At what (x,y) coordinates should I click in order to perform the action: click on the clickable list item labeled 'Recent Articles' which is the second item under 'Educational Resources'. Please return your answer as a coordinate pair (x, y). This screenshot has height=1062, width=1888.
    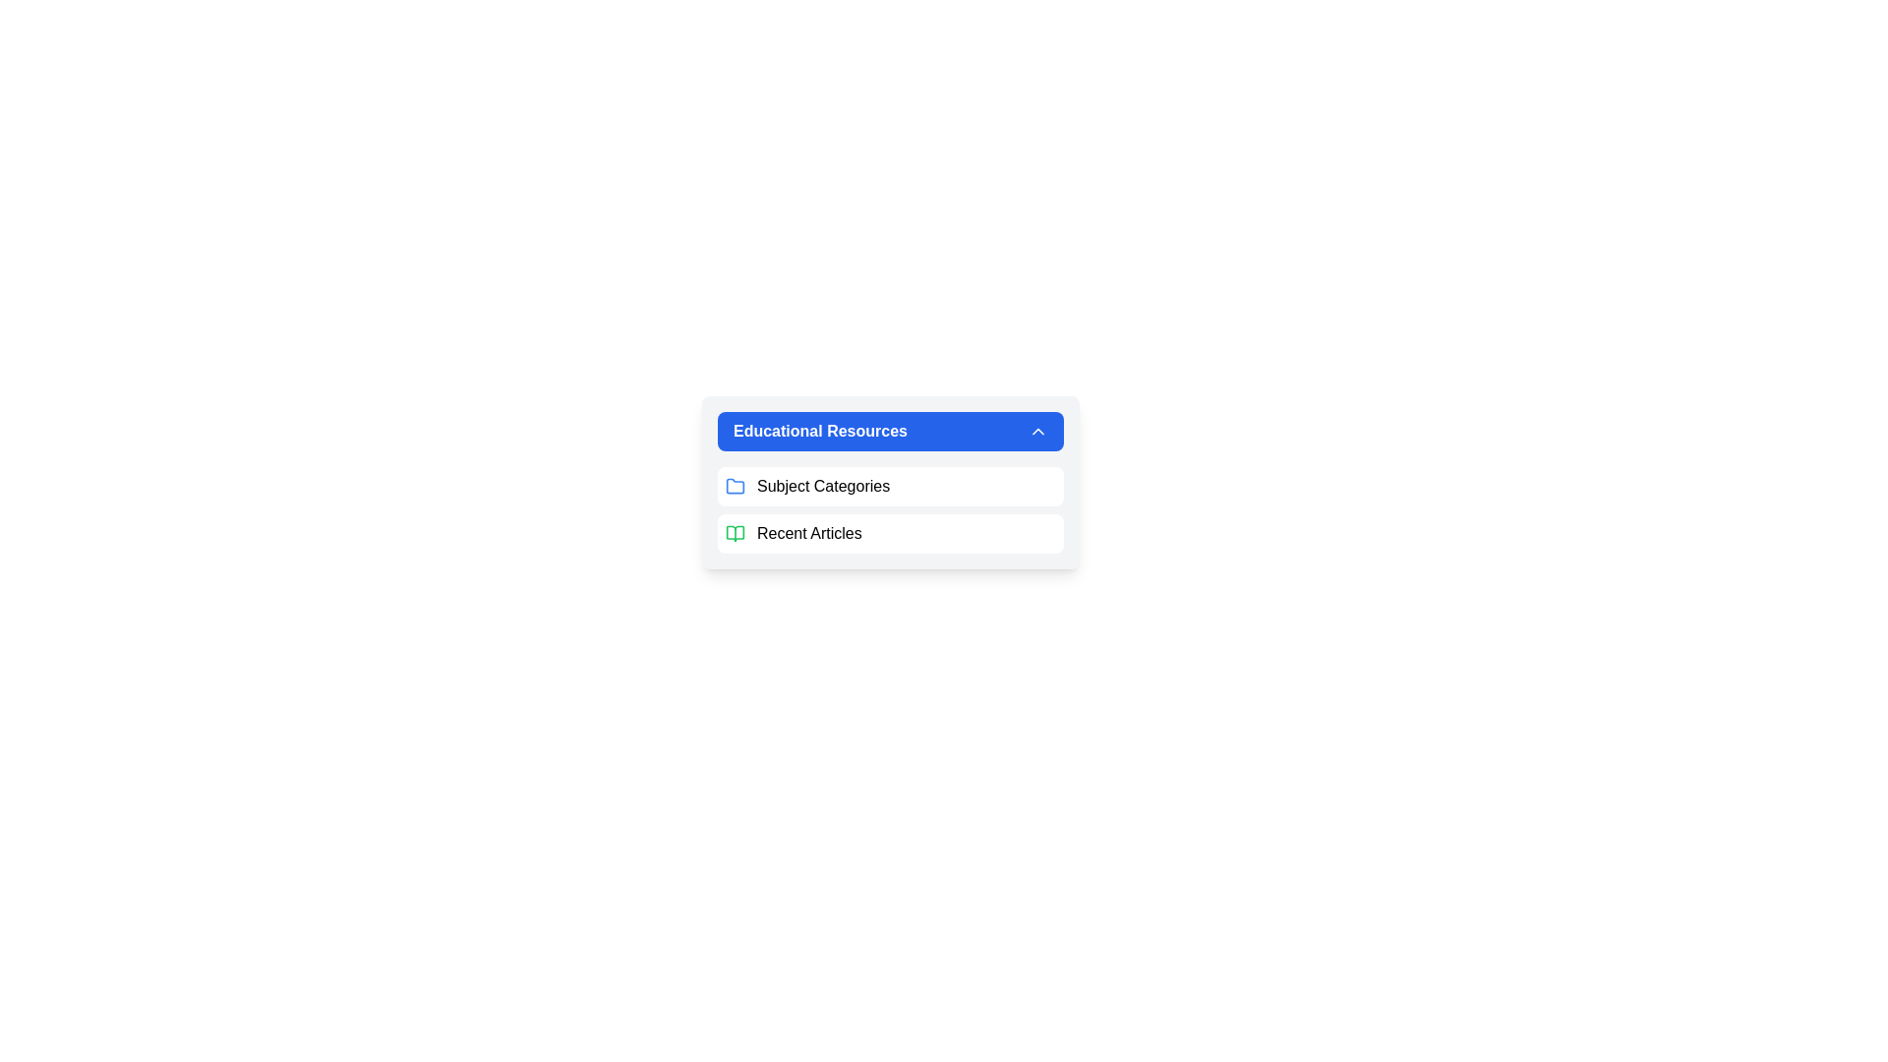
    Looking at the image, I should click on (890, 534).